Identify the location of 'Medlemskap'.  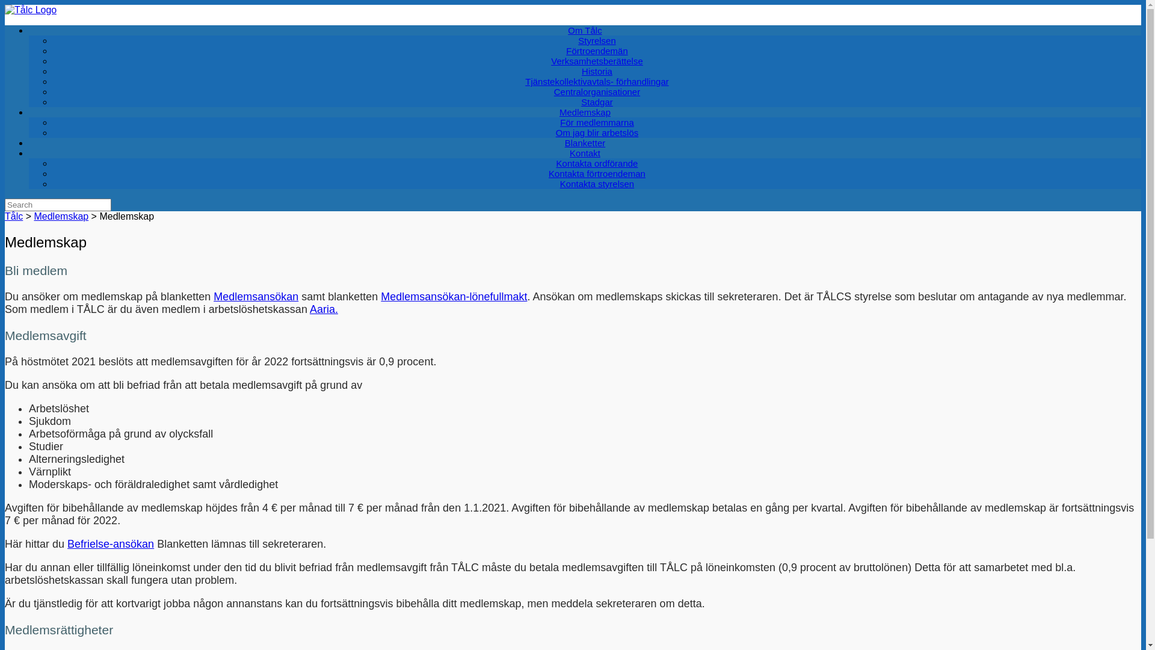
(60, 215).